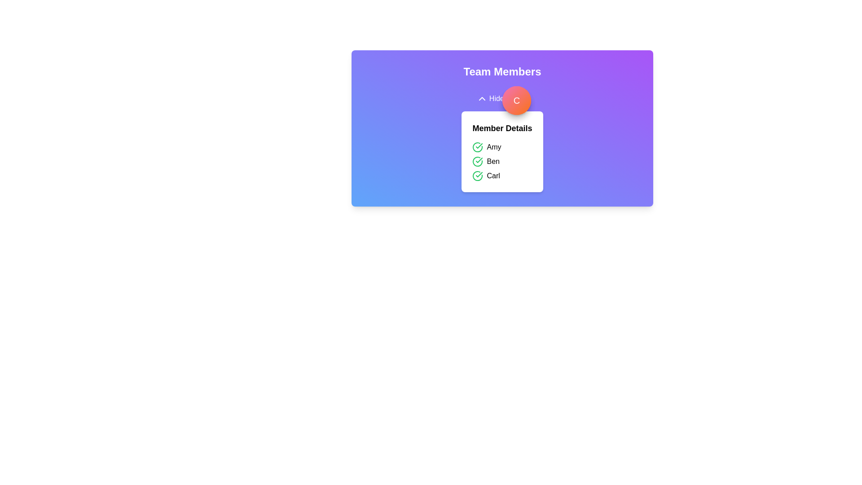 The width and height of the screenshot is (862, 485). What do you see at coordinates (501, 161) in the screenshot?
I see `any list item in the 'Member Details' section, which is a list with icons indicating member statuses or achievements` at bounding box center [501, 161].